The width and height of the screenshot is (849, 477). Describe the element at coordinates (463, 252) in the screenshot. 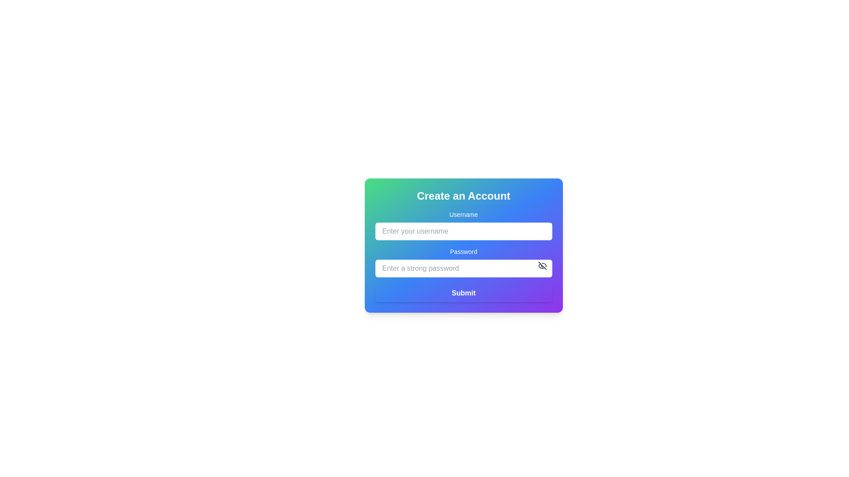

I see `the label associated with the password input field under the 'Create an Account' title` at that location.